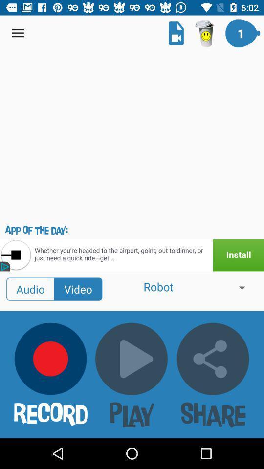 The image size is (264, 469). What do you see at coordinates (30, 289) in the screenshot?
I see `audio` at bounding box center [30, 289].